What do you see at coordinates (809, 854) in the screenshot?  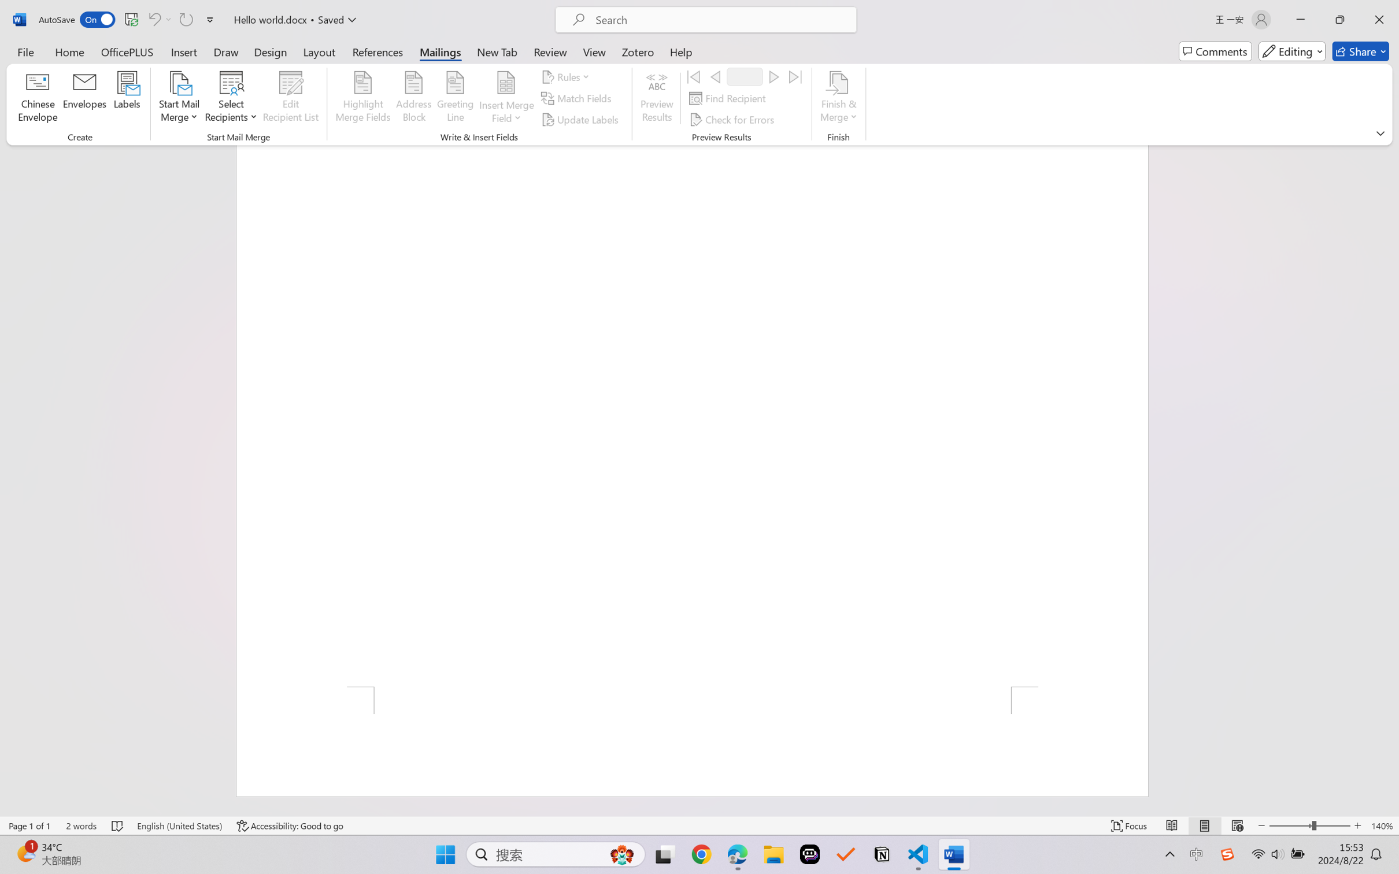 I see `'Poe'` at bounding box center [809, 854].